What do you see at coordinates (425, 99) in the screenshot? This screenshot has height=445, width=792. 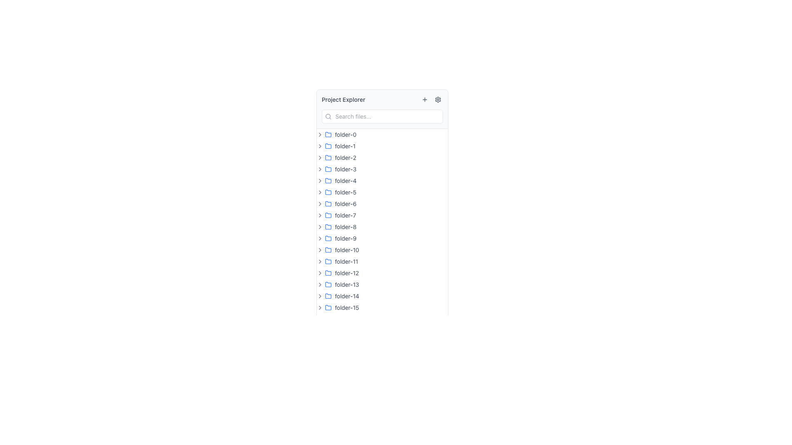 I see `the small circular button with a plus icon located at the top-right of the 'Project Explorer' panel for keyboard navigation` at bounding box center [425, 99].